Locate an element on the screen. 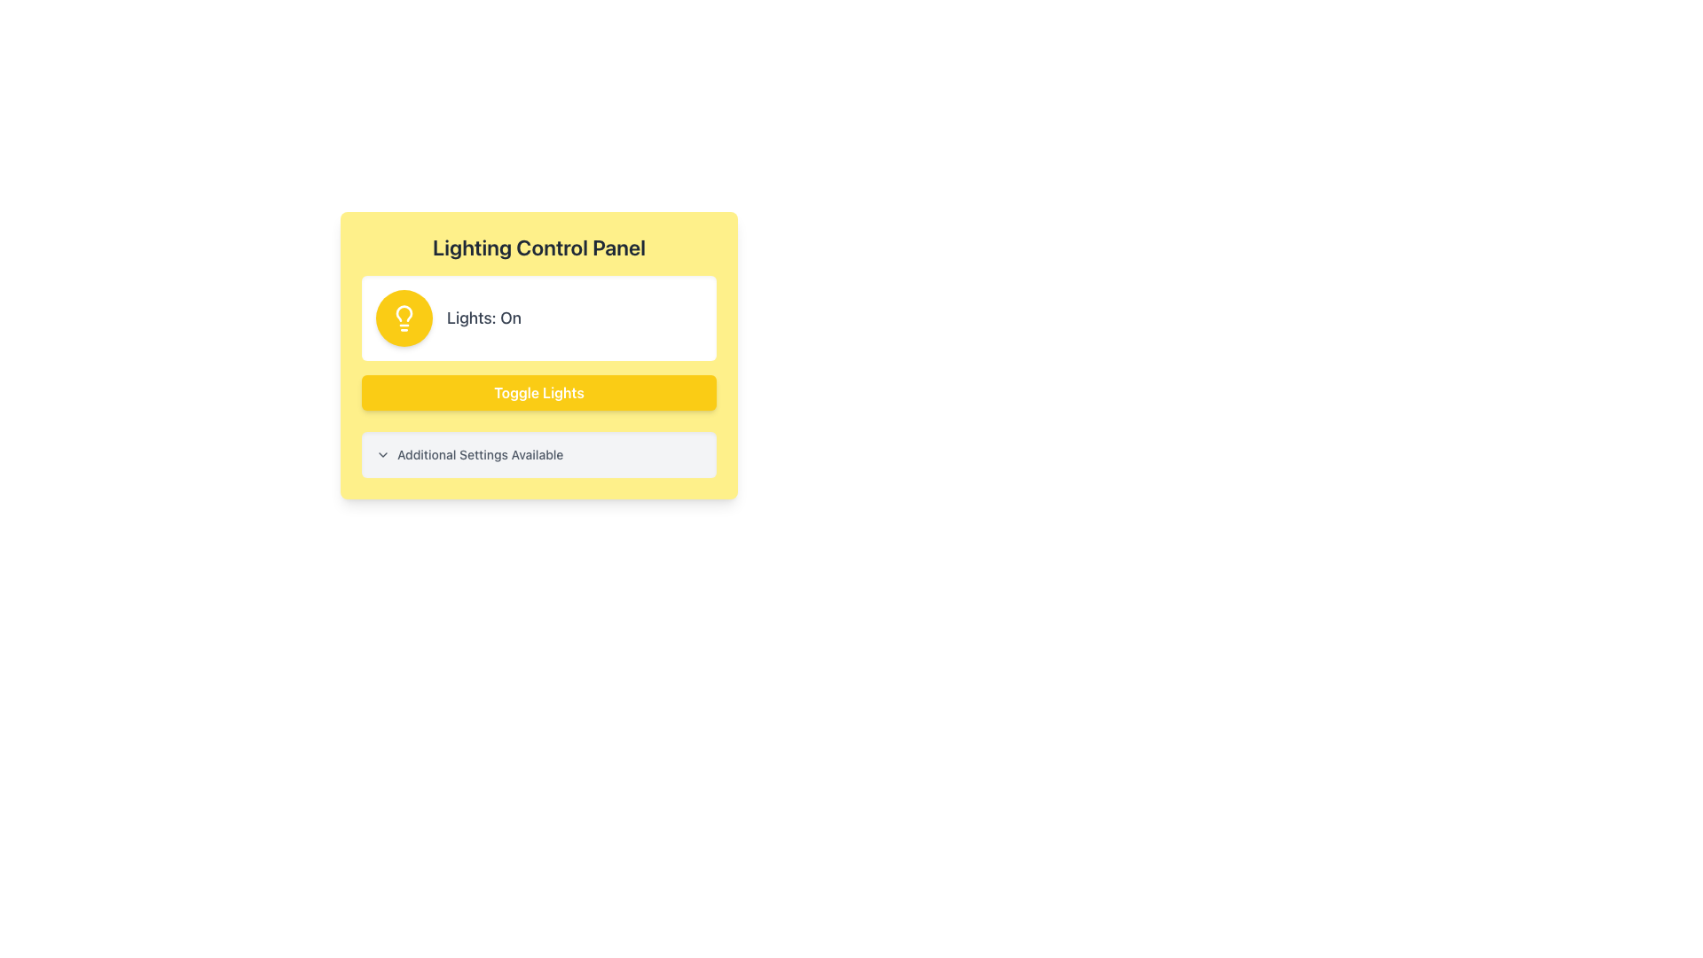 The height and width of the screenshot is (958, 1703). information from the Informational Label with Icon located below the 'Toggle Lights' button in the 'Lighting Control Panel' is located at coordinates (538, 454).